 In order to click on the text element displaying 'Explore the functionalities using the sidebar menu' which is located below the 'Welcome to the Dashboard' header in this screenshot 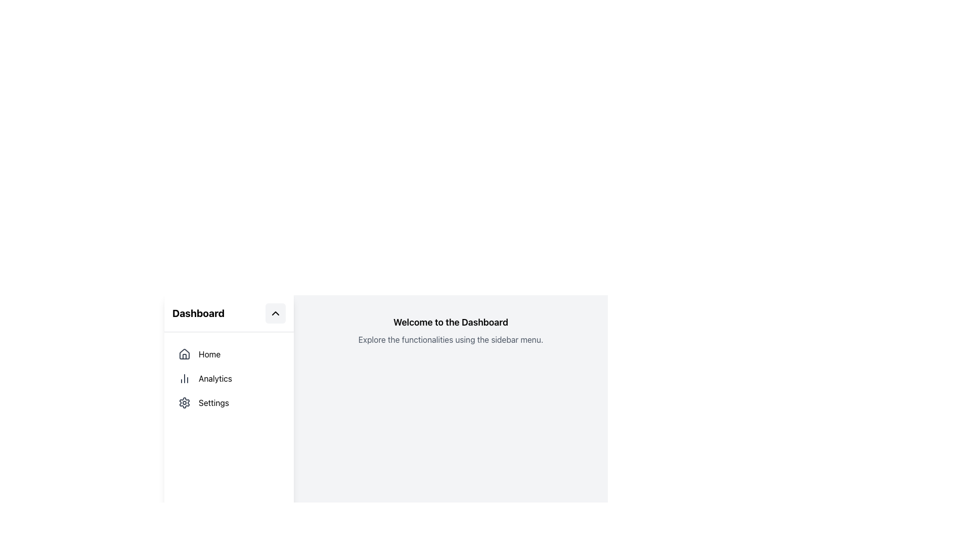, I will do `click(450, 339)`.